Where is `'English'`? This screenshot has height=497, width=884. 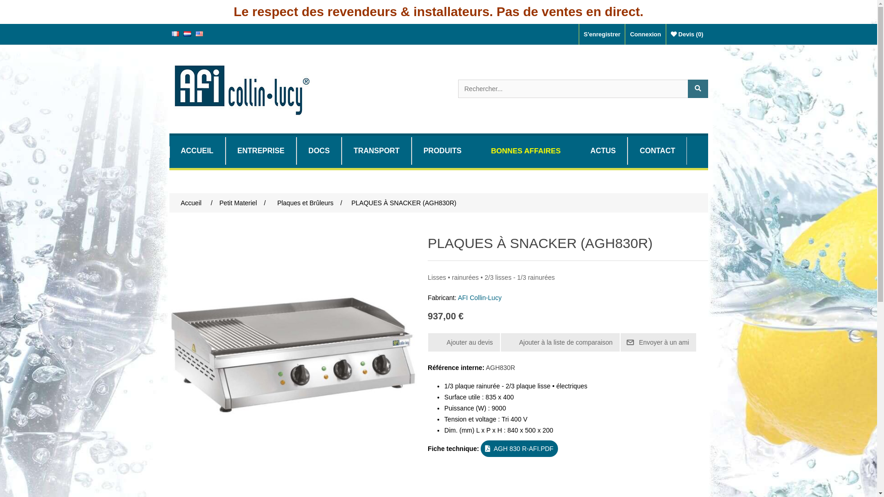 'English' is located at coordinates (198, 33).